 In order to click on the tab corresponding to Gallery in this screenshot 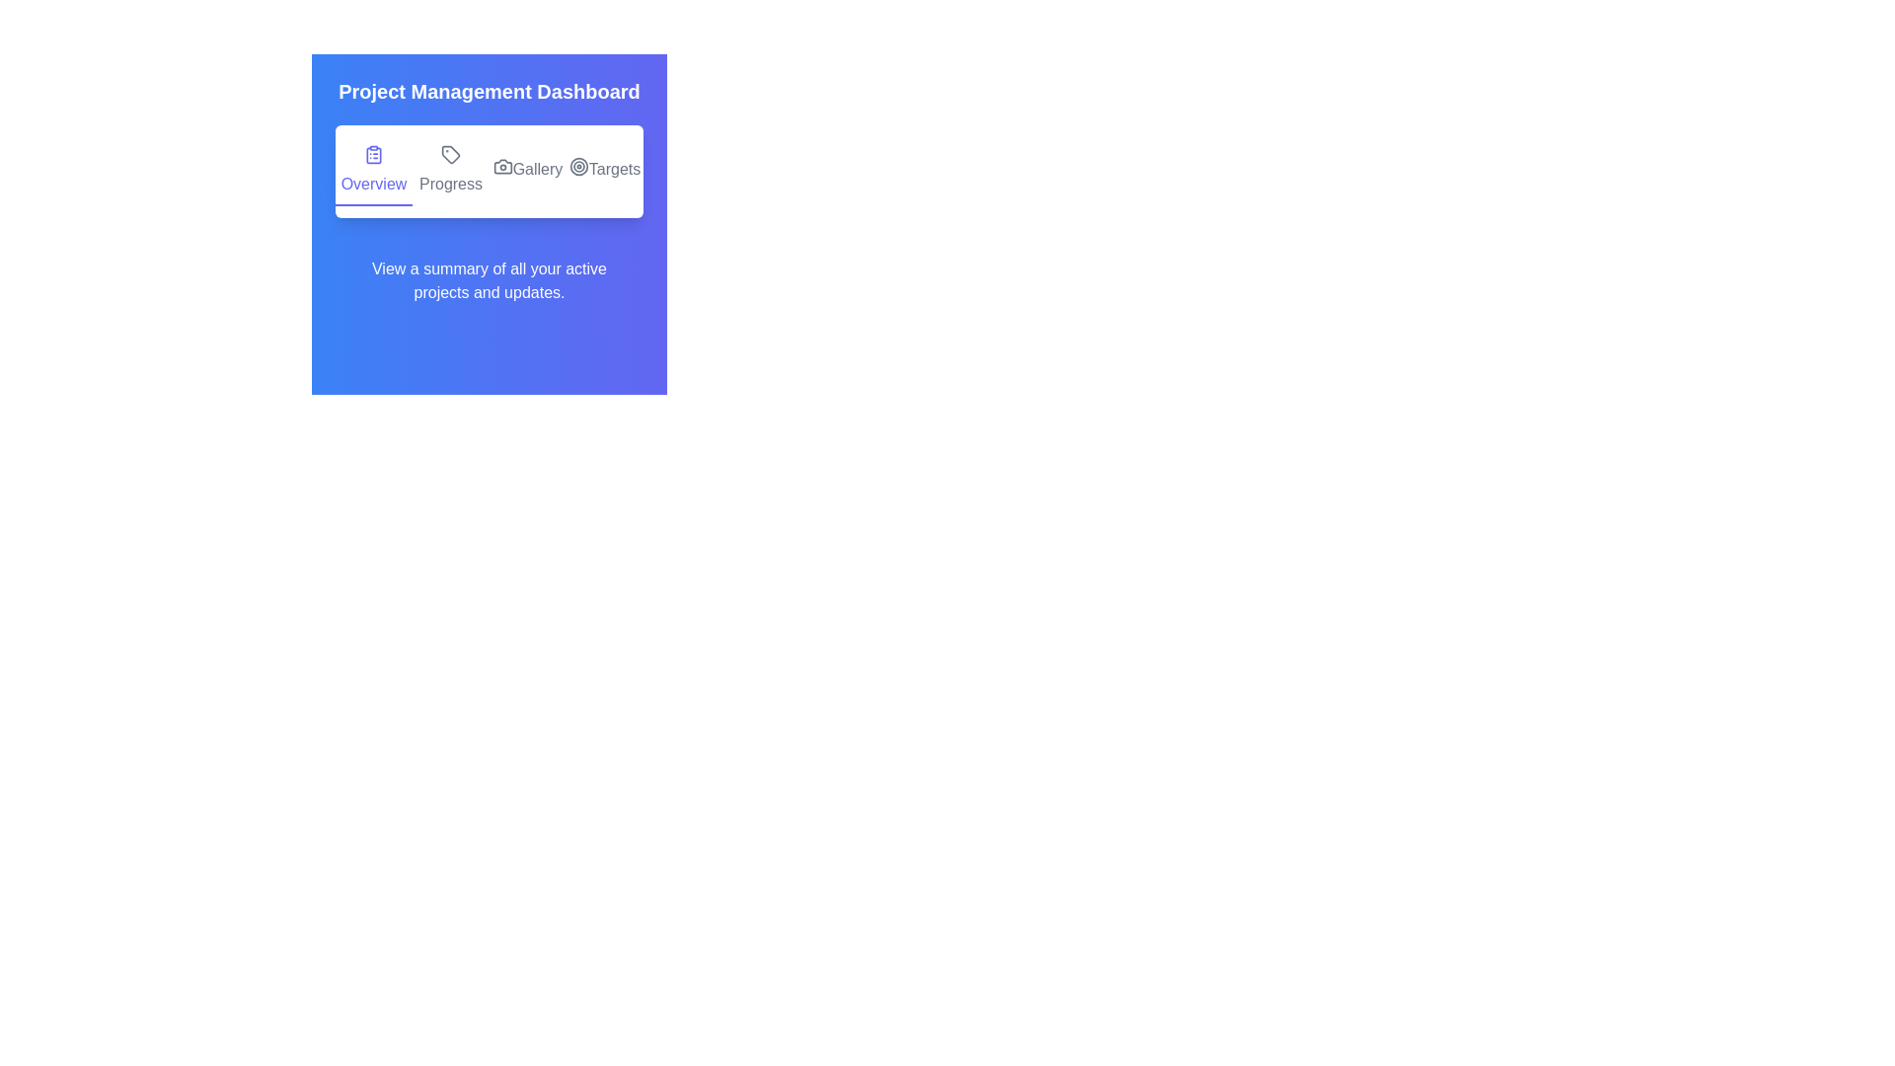, I will do `click(527, 170)`.